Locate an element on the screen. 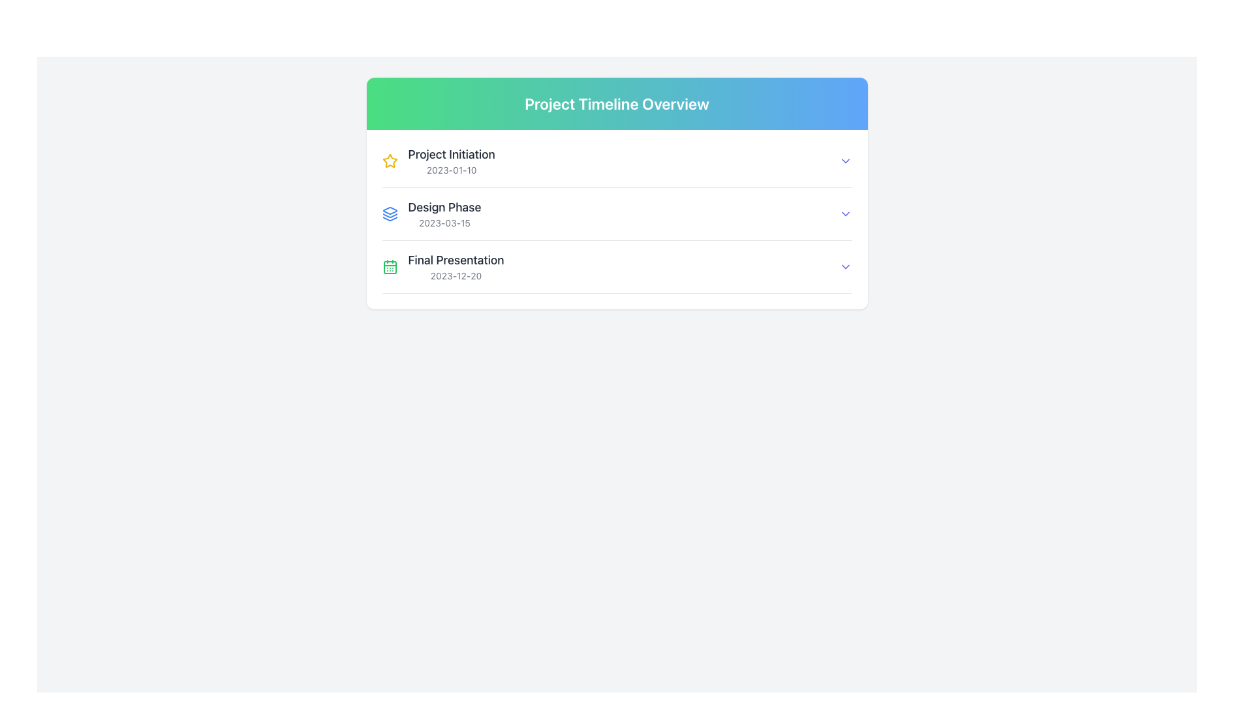 This screenshot has height=705, width=1253. the visual component inside the calendar icon representing the 'Final Presentation' phase located in the timeline section is located at coordinates (389, 266).